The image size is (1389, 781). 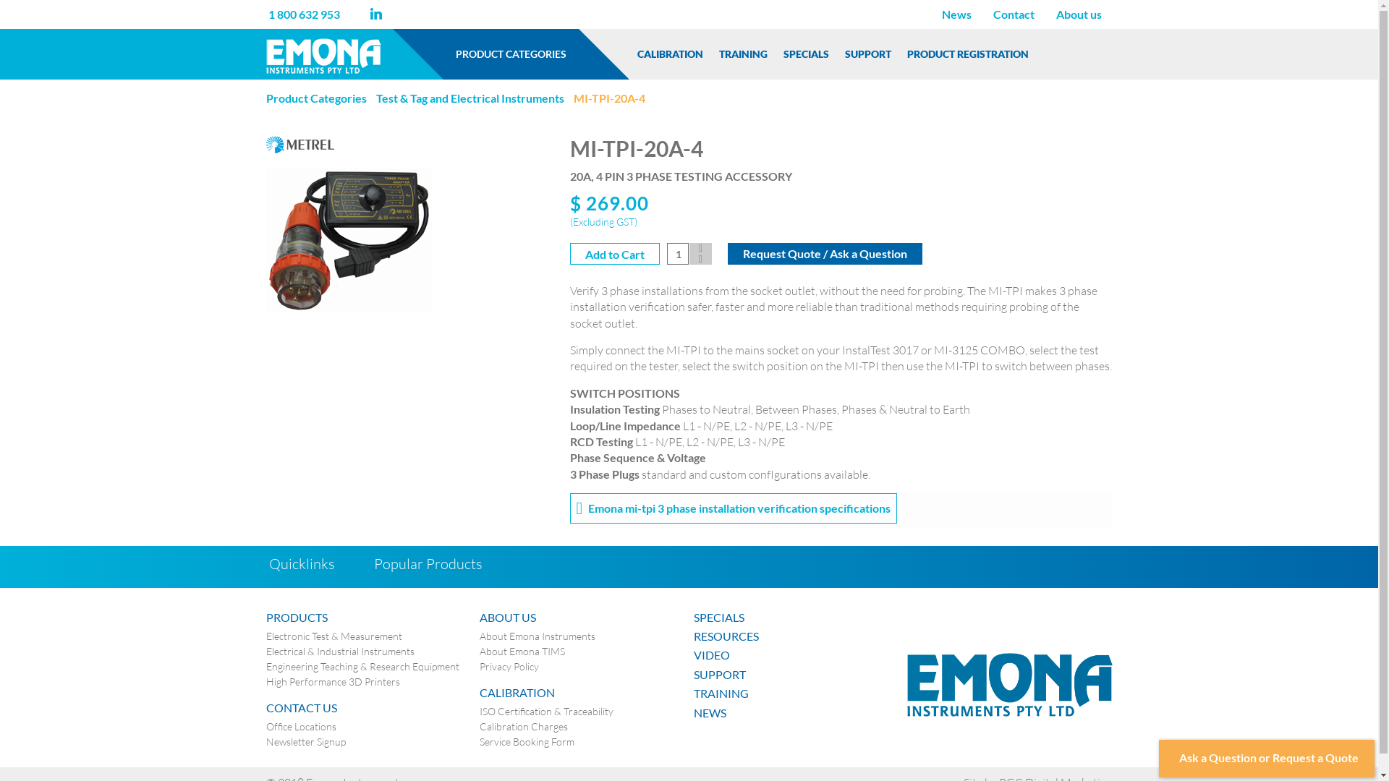 I want to click on 'SUPPORT', so click(x=868, y=53).